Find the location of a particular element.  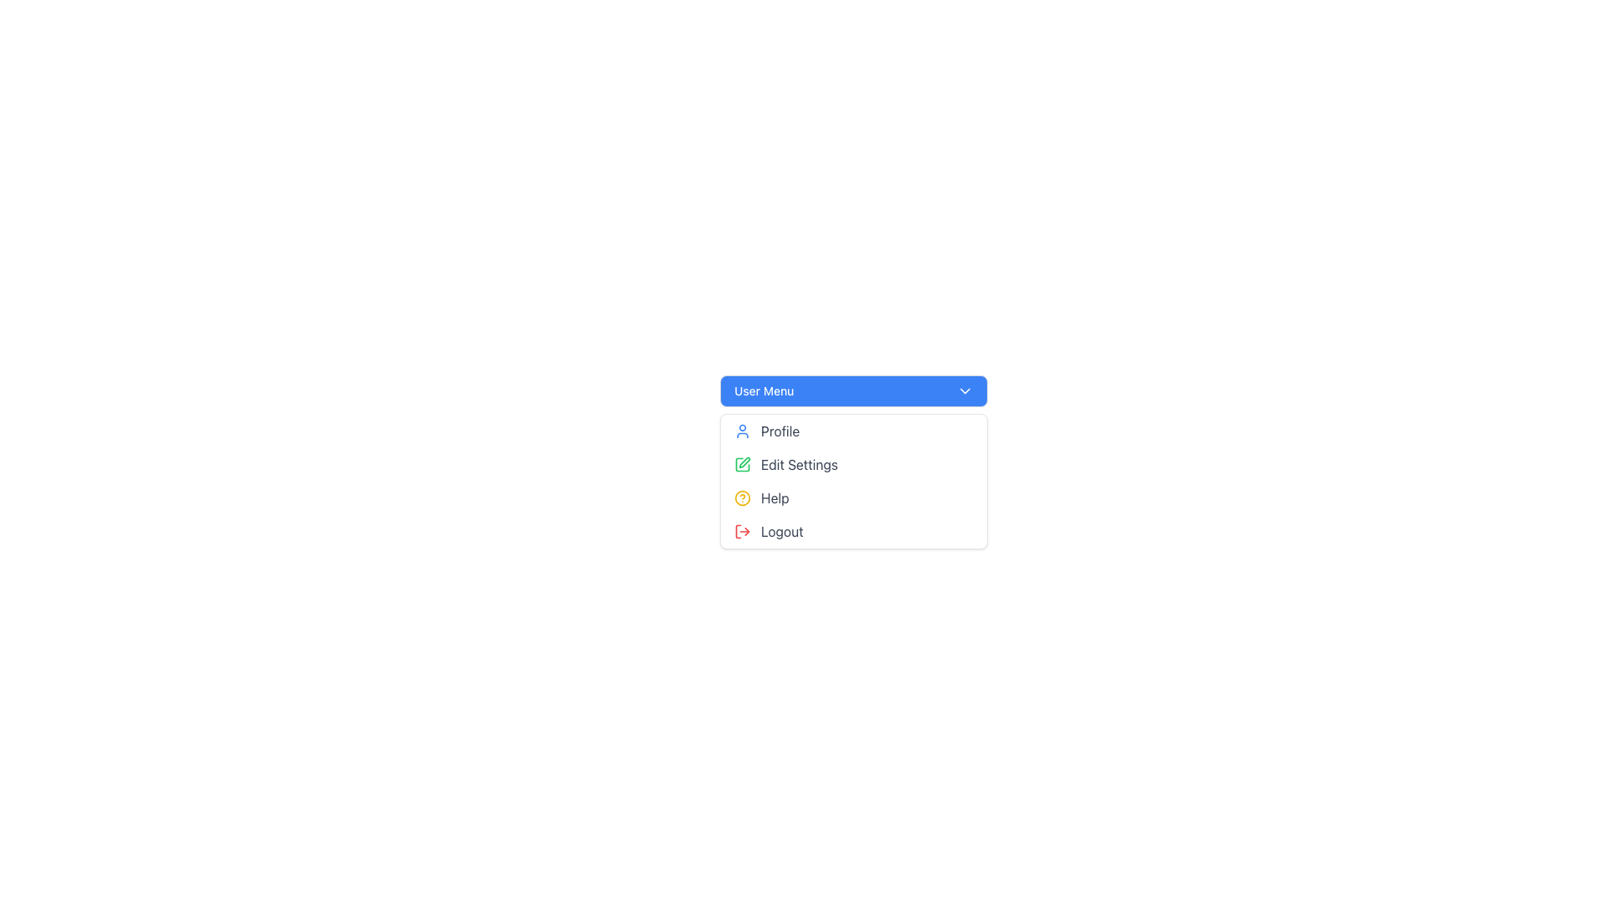

the settings button, which is the second item in the dropdown menu located below 'Profile' and above 'Help' is located at coordinates (854, 481).